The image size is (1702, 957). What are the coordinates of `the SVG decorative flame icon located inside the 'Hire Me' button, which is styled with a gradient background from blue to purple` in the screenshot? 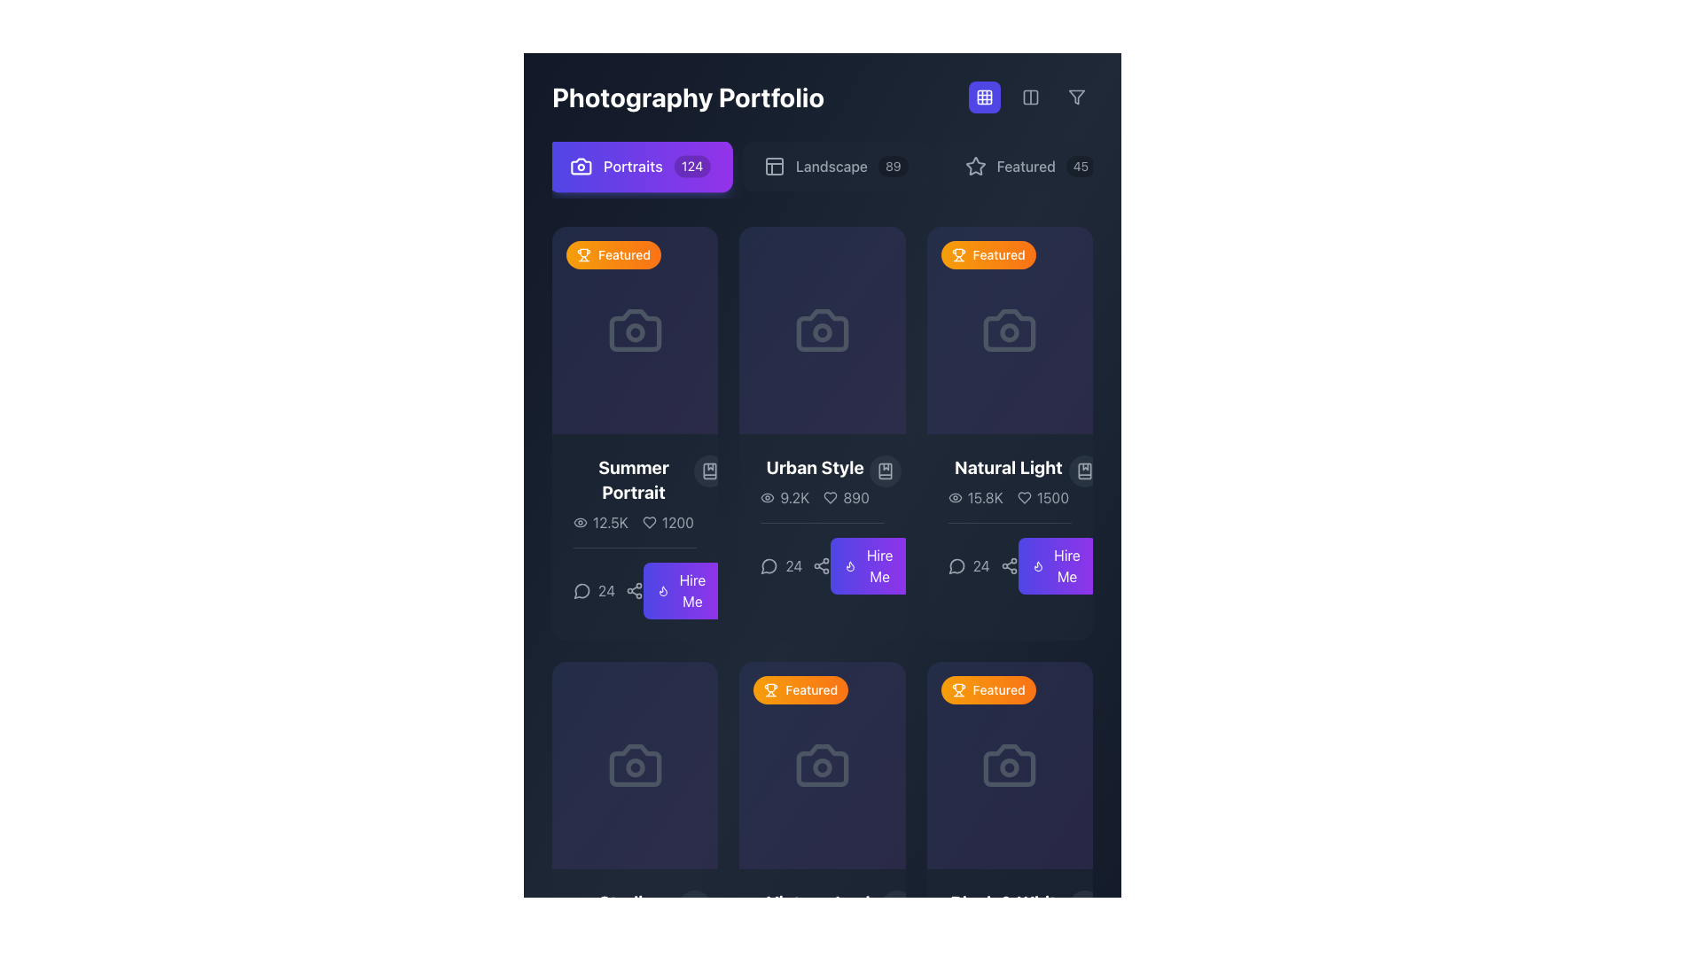 It's located at (662, 591).